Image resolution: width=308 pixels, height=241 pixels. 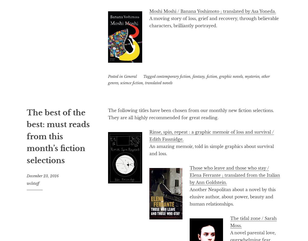 I want to click on 'Rinse, spin, repeat : a graphic memoir of loss and survival / Edith Fassnidge.', so click(x=211, y=135).